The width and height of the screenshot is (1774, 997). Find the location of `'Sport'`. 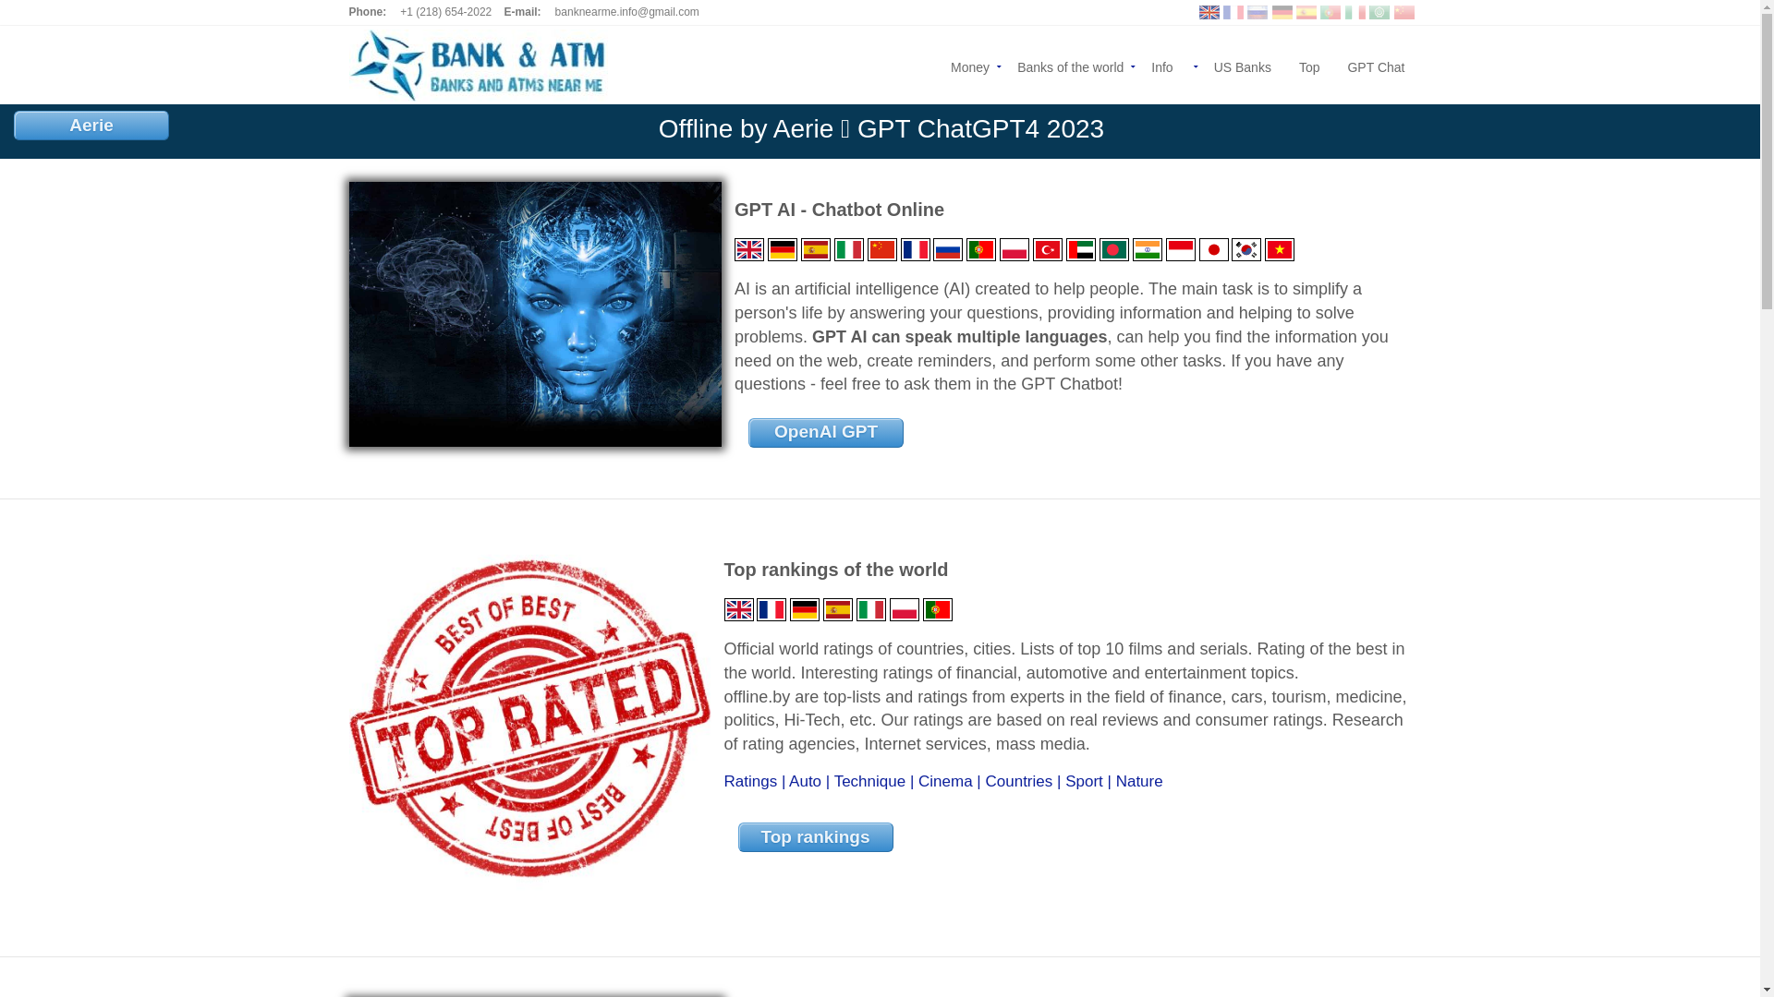

'Sport' is located at coordinates (1084, 781).